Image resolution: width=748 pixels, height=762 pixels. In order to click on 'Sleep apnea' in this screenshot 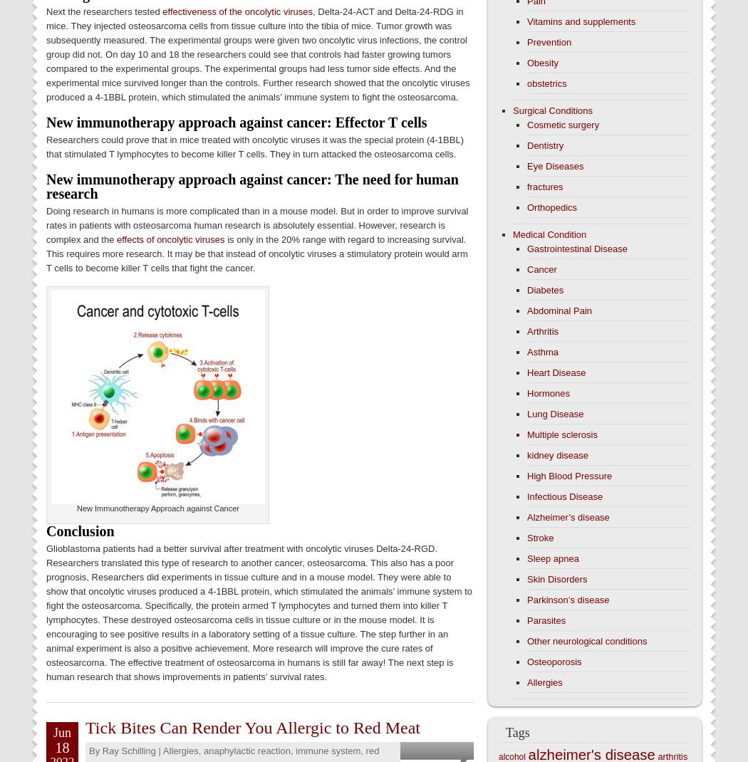, I will do `click(553, 558)`.